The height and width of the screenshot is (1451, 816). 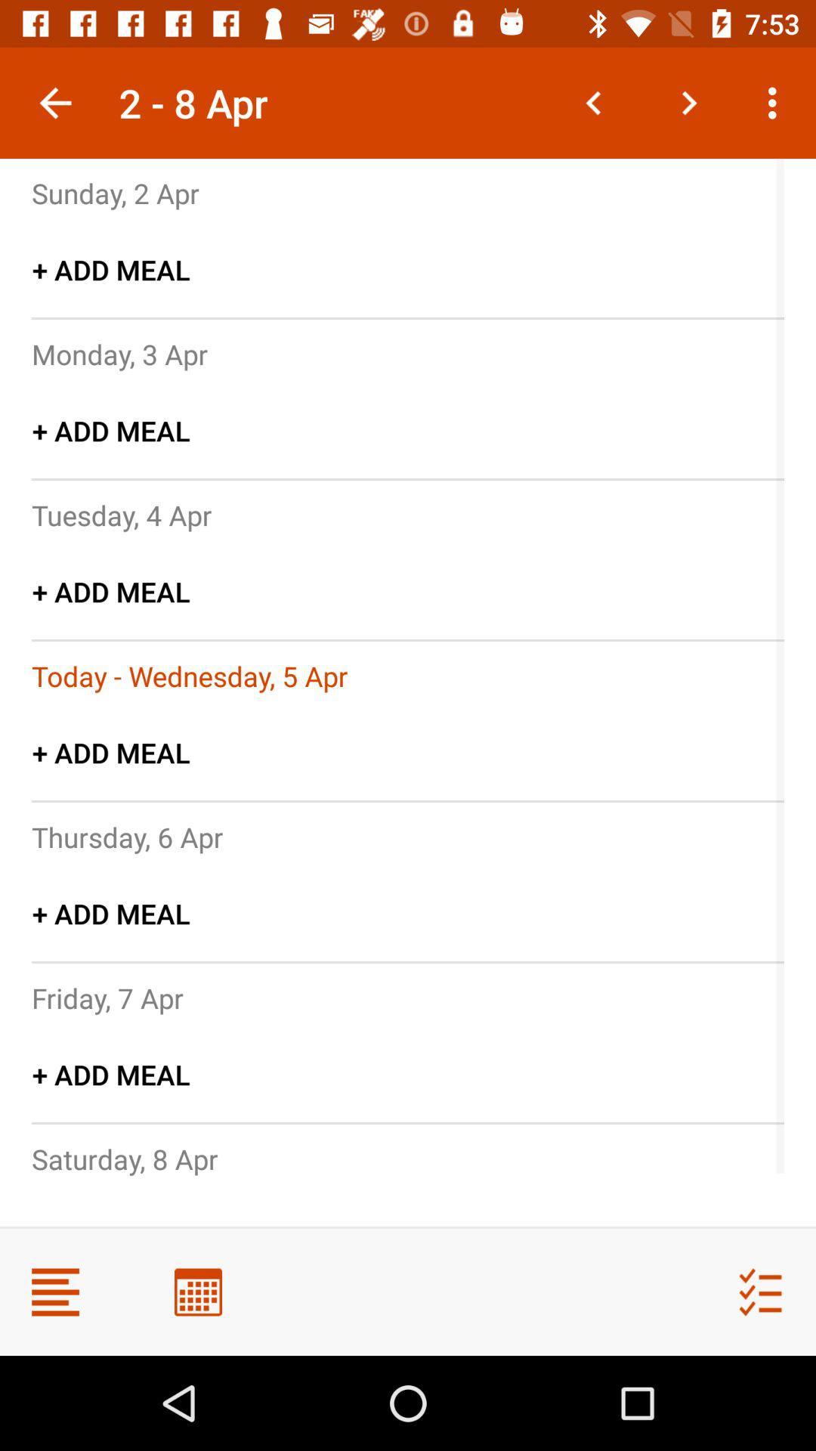 I want to click on go forward, so click(x=688, y=102).